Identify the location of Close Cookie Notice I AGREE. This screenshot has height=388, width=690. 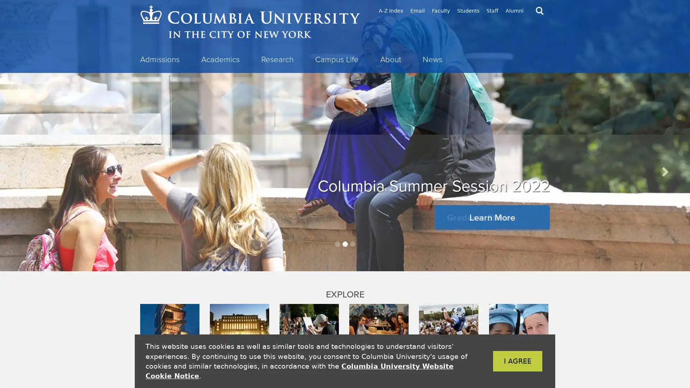
(506, 361).